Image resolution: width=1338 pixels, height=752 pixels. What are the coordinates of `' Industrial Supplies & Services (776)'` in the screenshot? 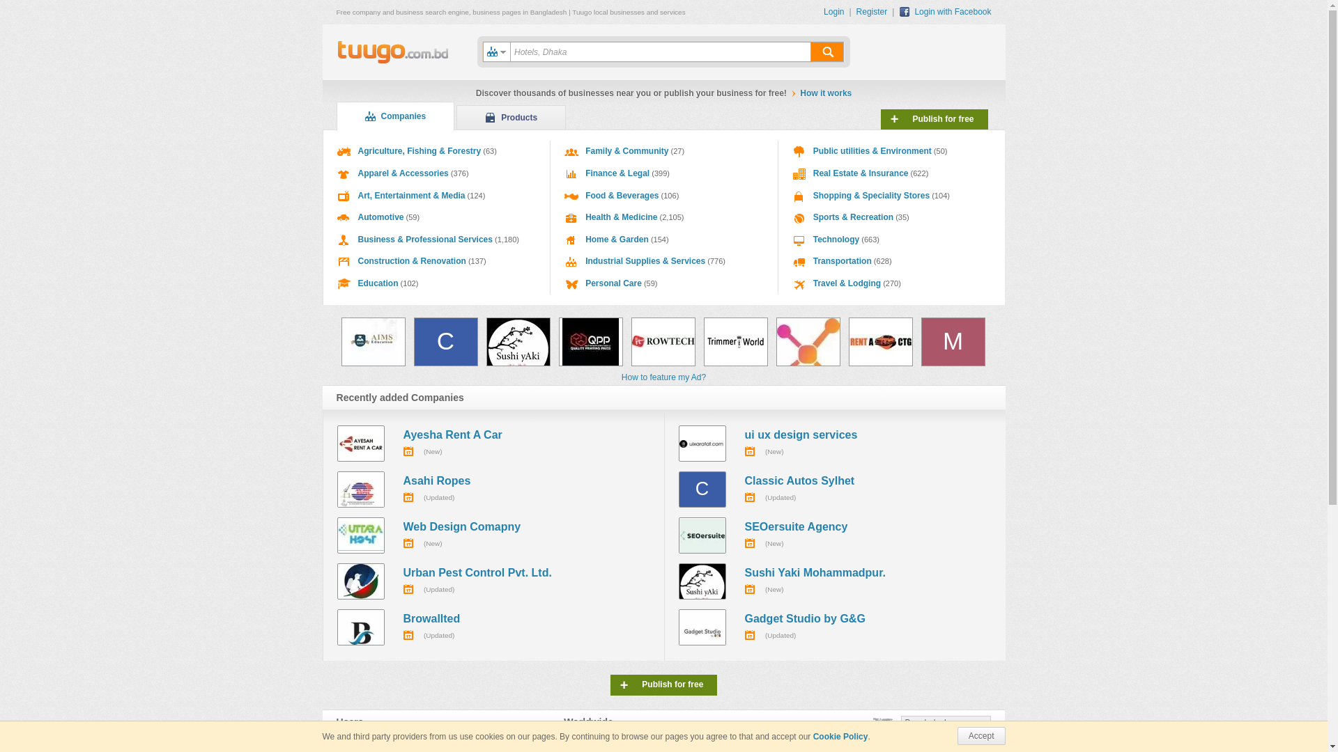 It's located at (663, 261).